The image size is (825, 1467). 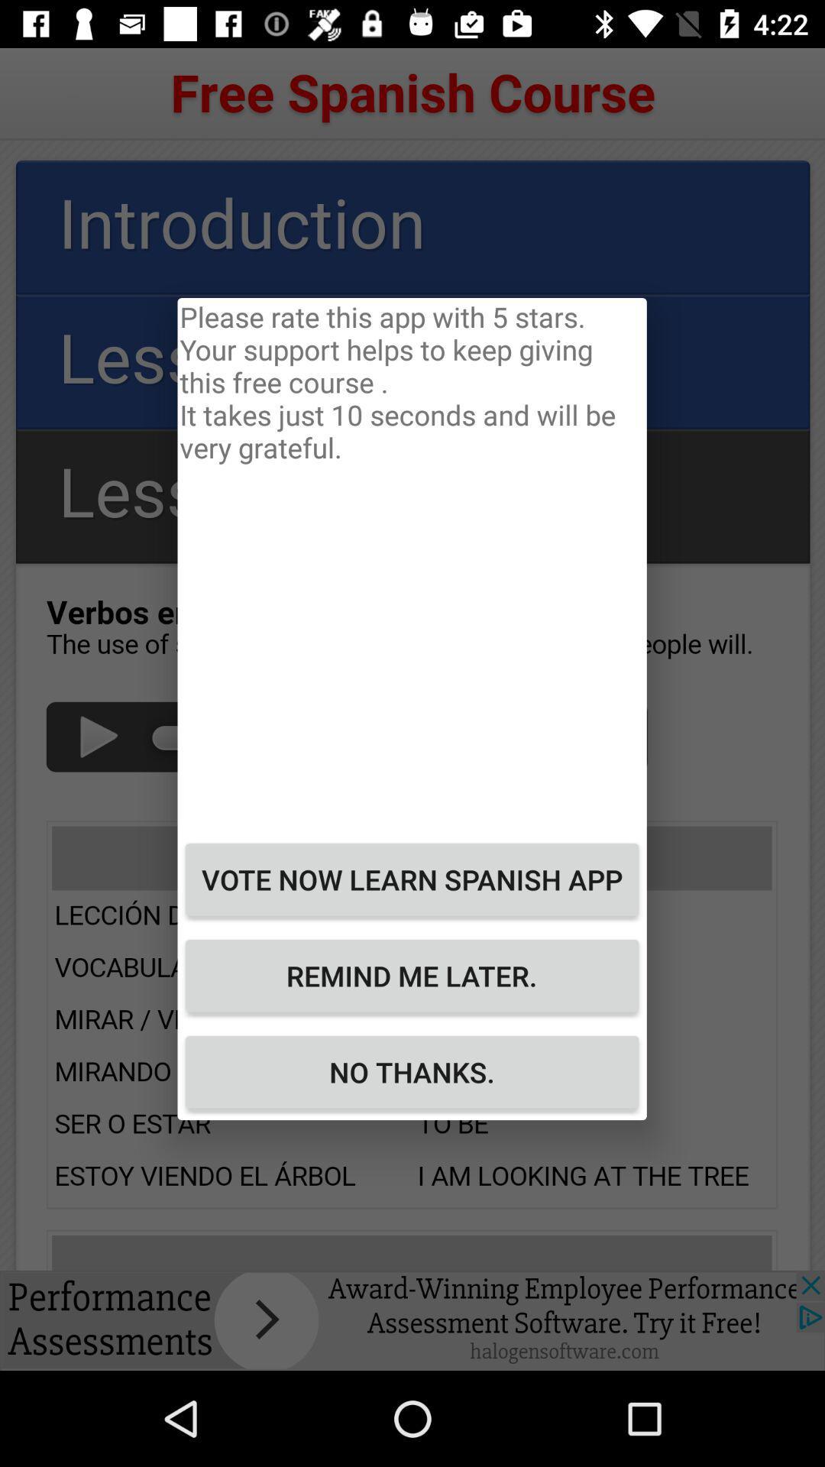 I want to click on the no thanks., so click(x=411, y=1071).